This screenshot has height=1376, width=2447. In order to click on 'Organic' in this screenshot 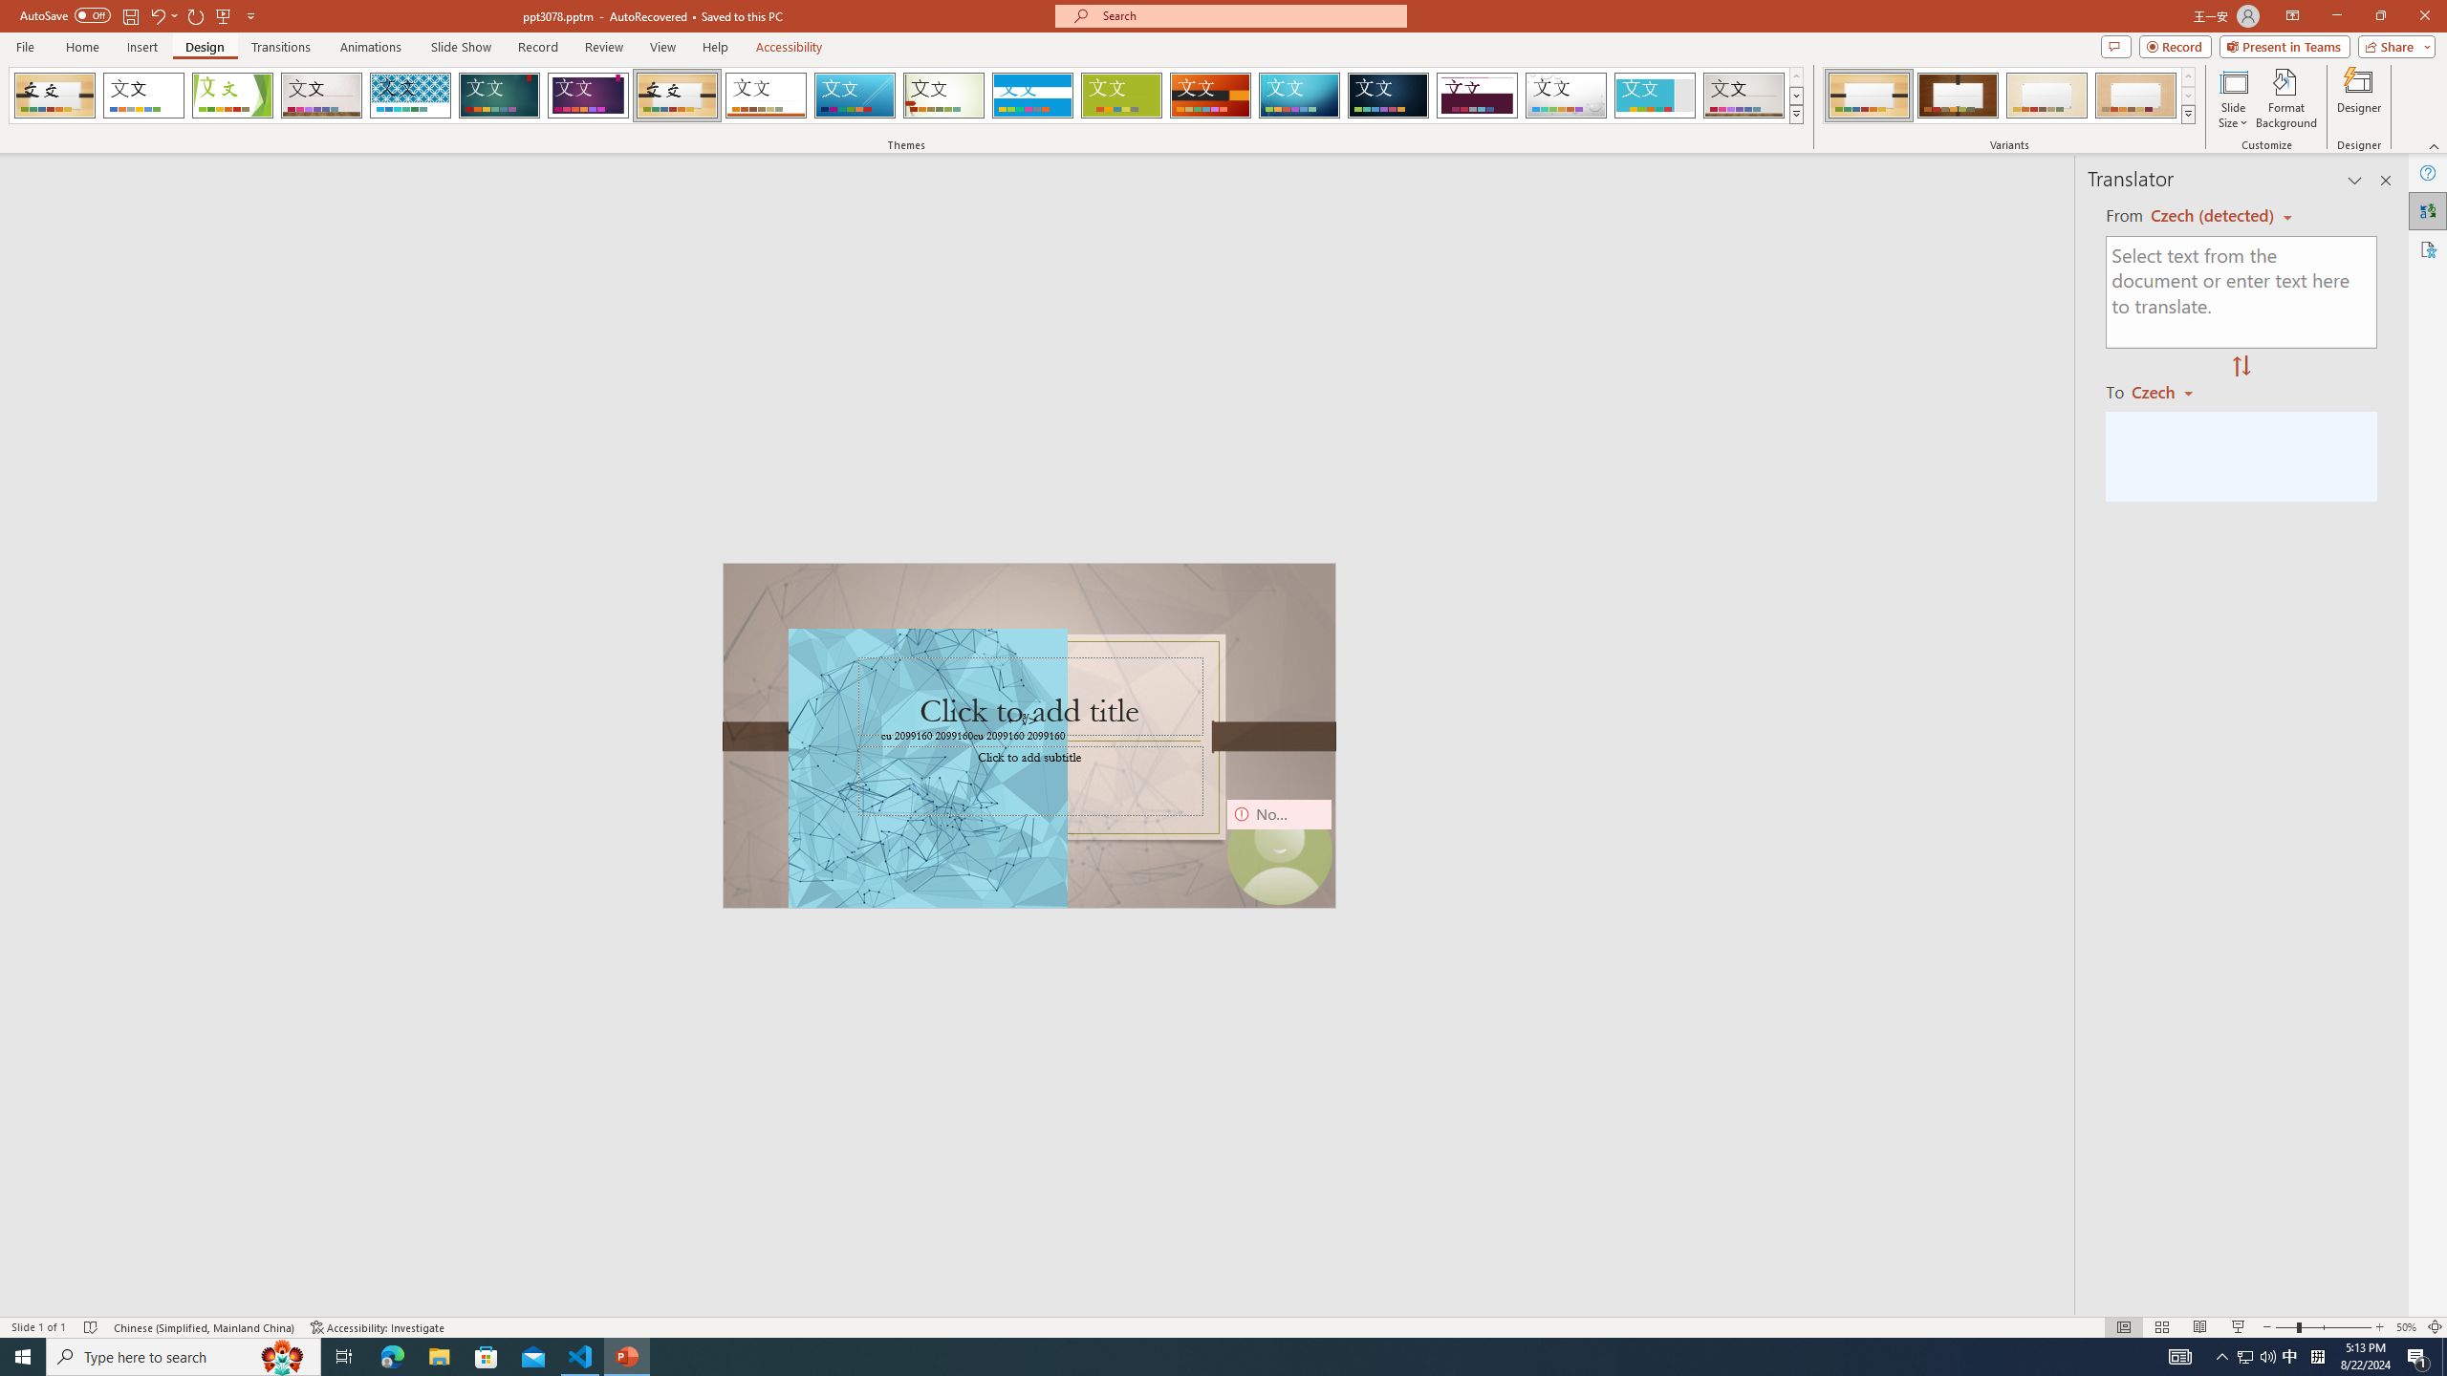, I will do `click(678, 95)`.